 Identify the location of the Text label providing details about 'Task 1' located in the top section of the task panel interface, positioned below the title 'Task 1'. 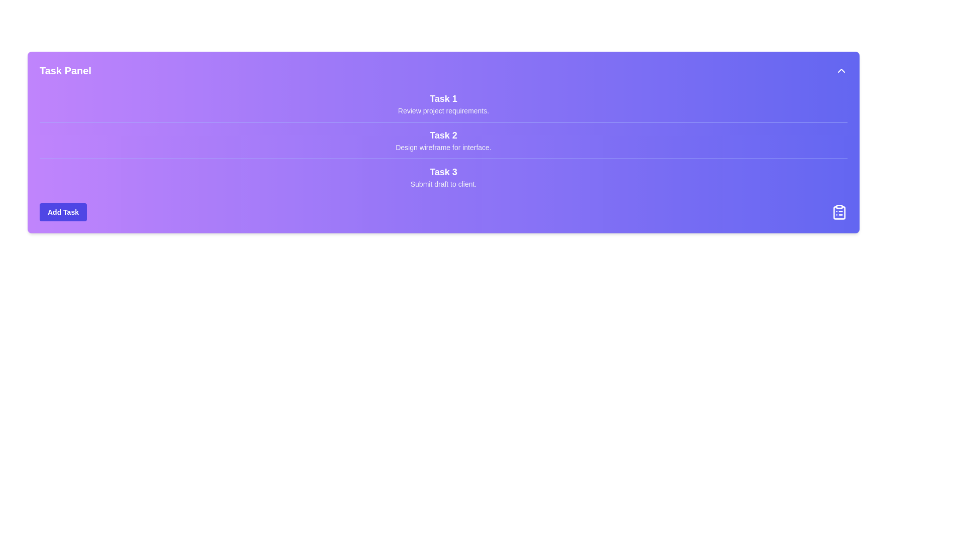
(443, 110).